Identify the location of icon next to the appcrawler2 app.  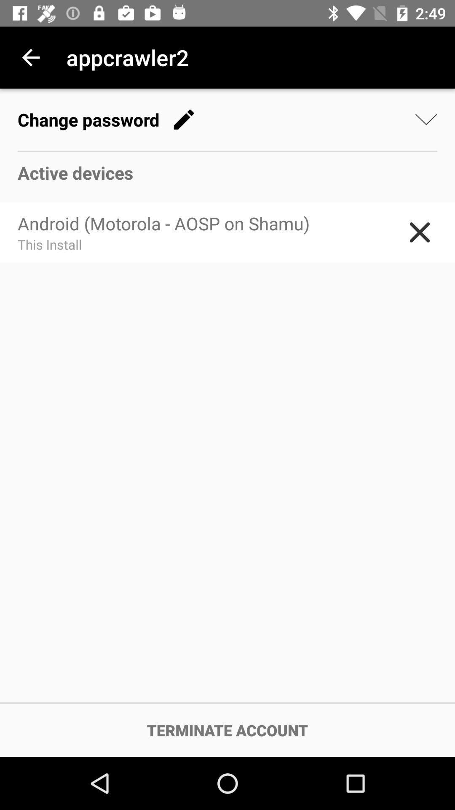
(30, 57).